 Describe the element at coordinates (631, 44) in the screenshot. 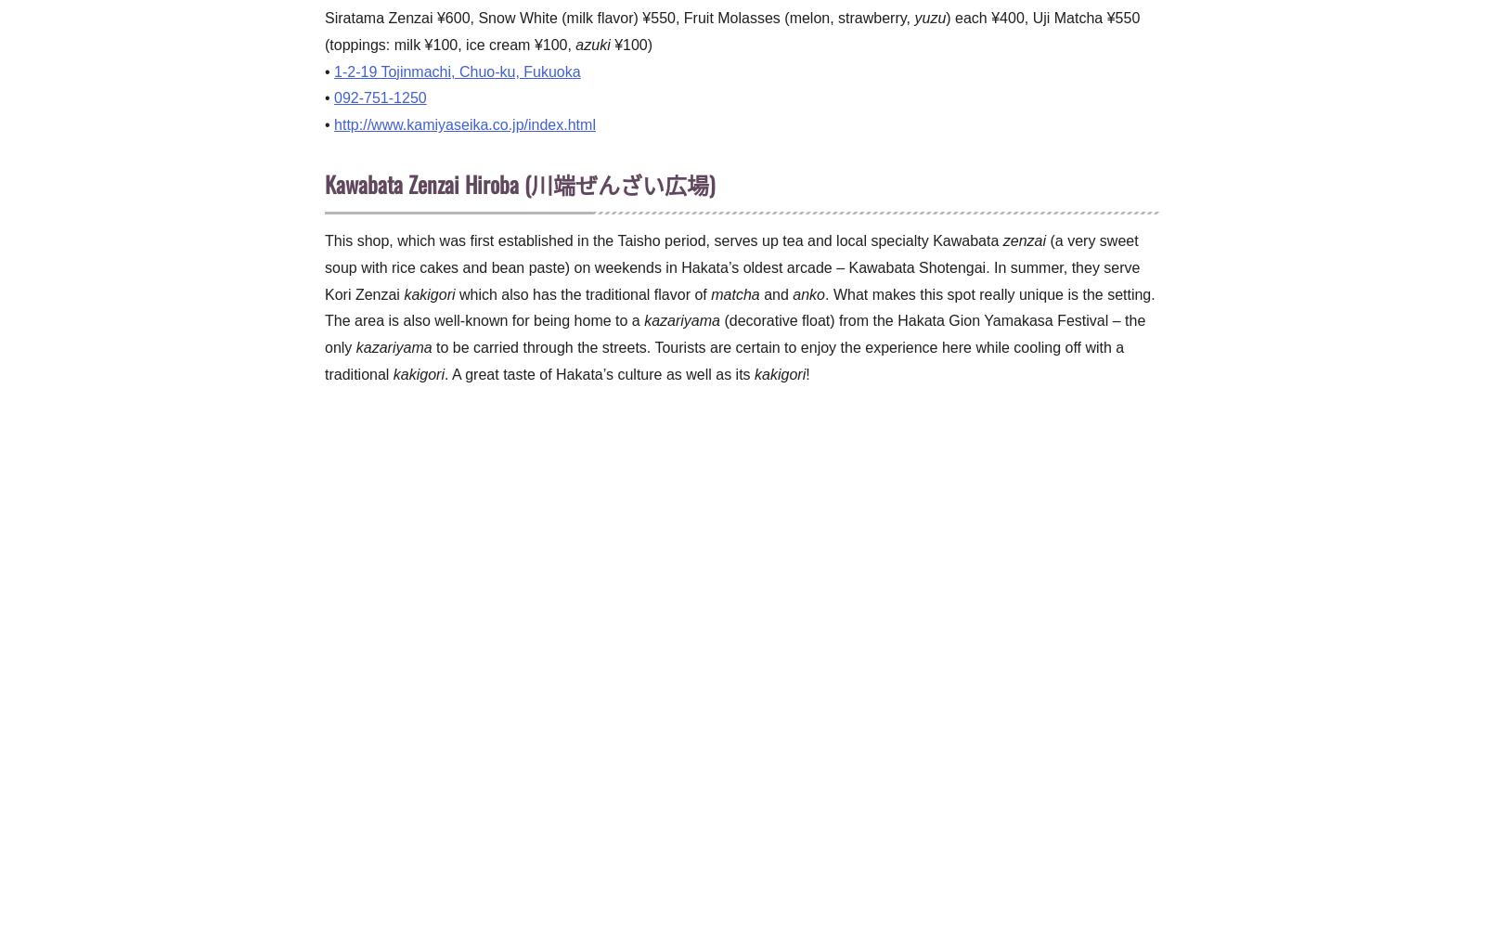

I see `'¥100)'` at that location.